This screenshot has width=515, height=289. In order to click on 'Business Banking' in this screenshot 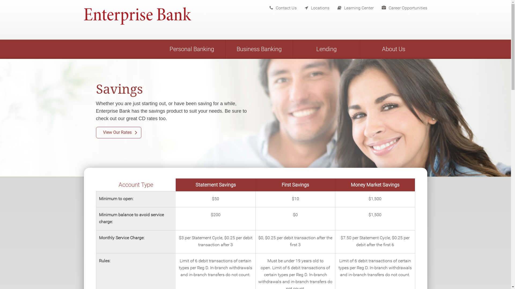, I will do `click(259, 49)`.